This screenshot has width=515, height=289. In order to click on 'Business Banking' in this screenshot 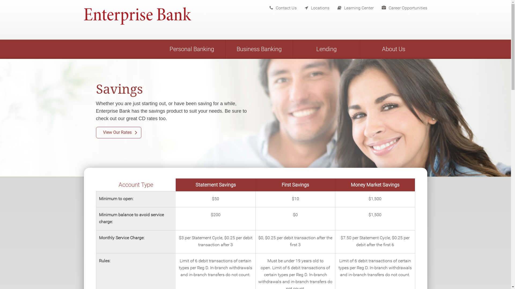, I will do `click(259, 49)`.